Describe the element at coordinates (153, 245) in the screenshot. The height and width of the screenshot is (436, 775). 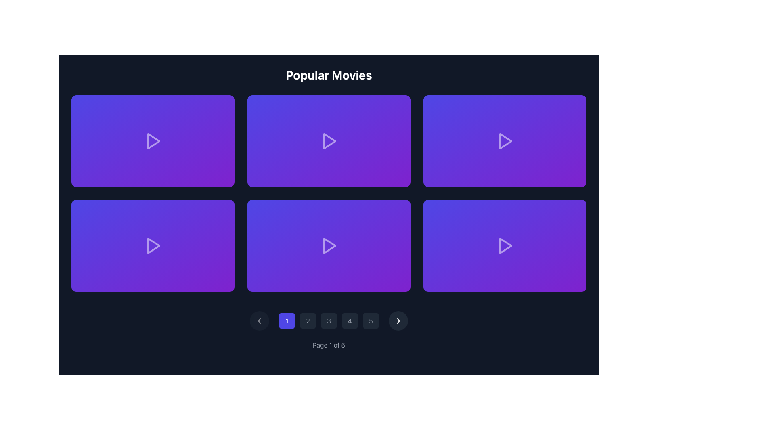
I see `the play icon, which is a small triangular shape outlined and centered in a purple rectangular background, located in the second row, first column of the grid layout` at that location.